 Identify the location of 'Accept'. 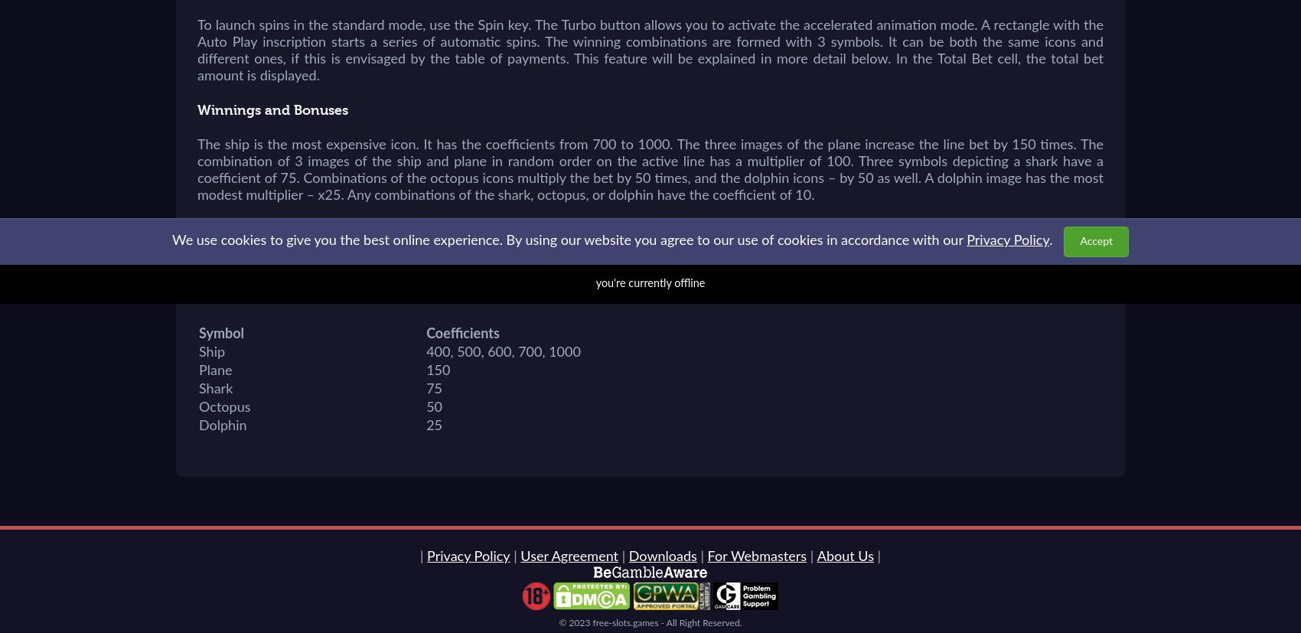
(1095, 240).